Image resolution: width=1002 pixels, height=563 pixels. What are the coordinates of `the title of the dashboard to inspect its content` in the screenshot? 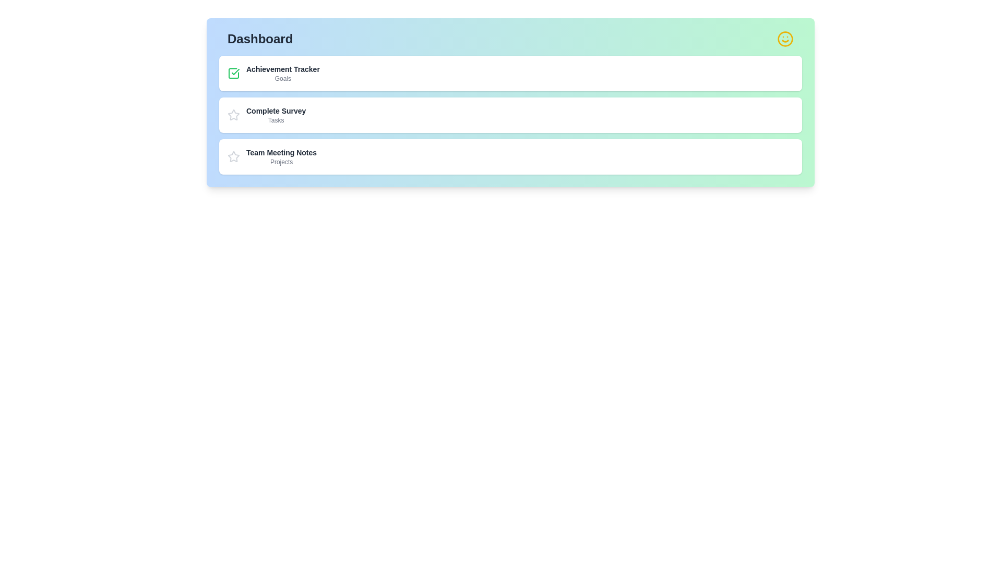 It's located at (260, 38).